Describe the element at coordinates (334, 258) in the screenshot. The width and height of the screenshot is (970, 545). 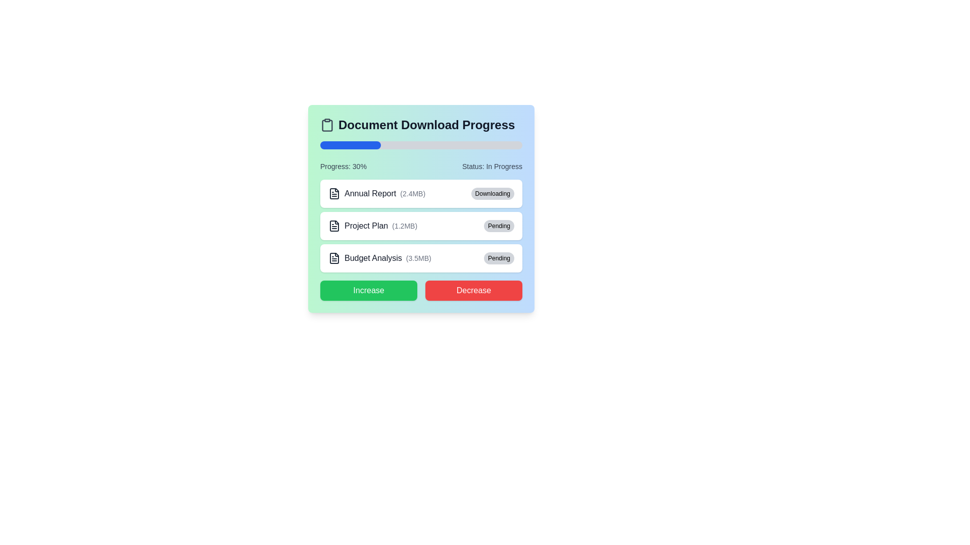
I see `the file icon representing the document titled 'Budget Analysis', located next to the text label 'Budget Analysis (3.5MB)' in the third row of the downloadable items list` at that location.